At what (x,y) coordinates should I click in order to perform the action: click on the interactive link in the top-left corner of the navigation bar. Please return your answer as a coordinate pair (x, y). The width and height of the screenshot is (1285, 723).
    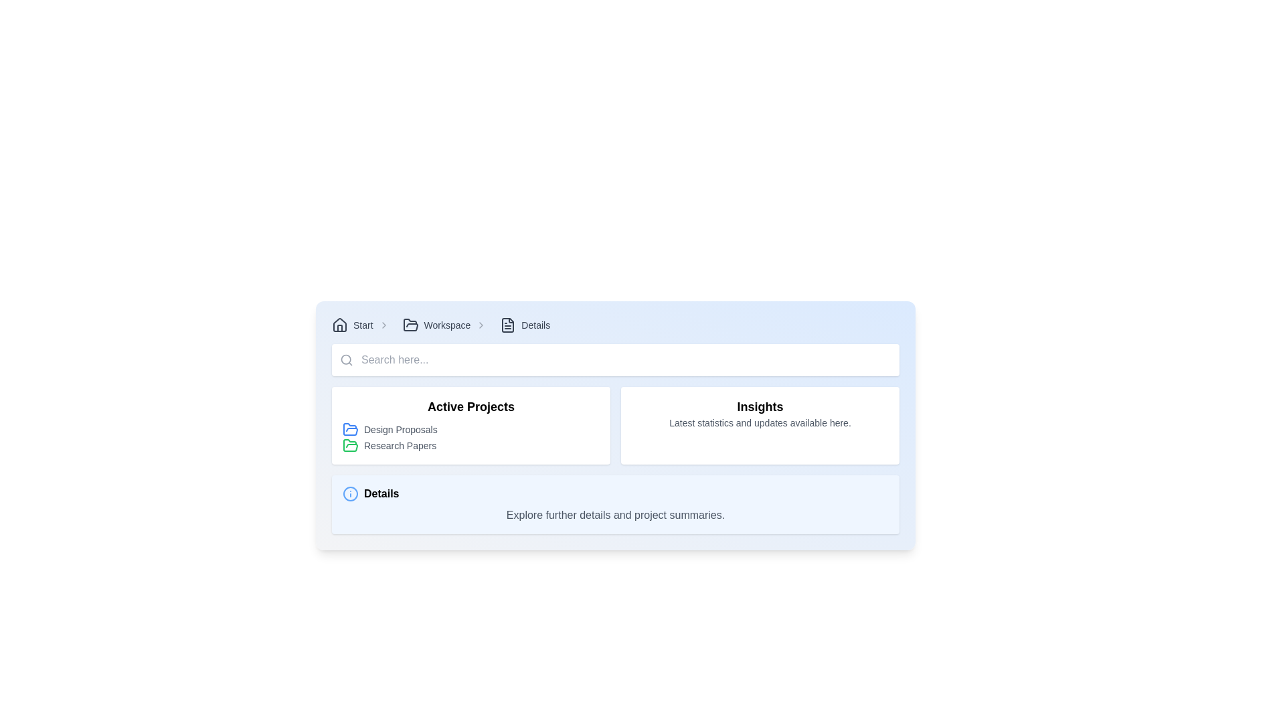
    Looking at the image, I should click on (352, 325).